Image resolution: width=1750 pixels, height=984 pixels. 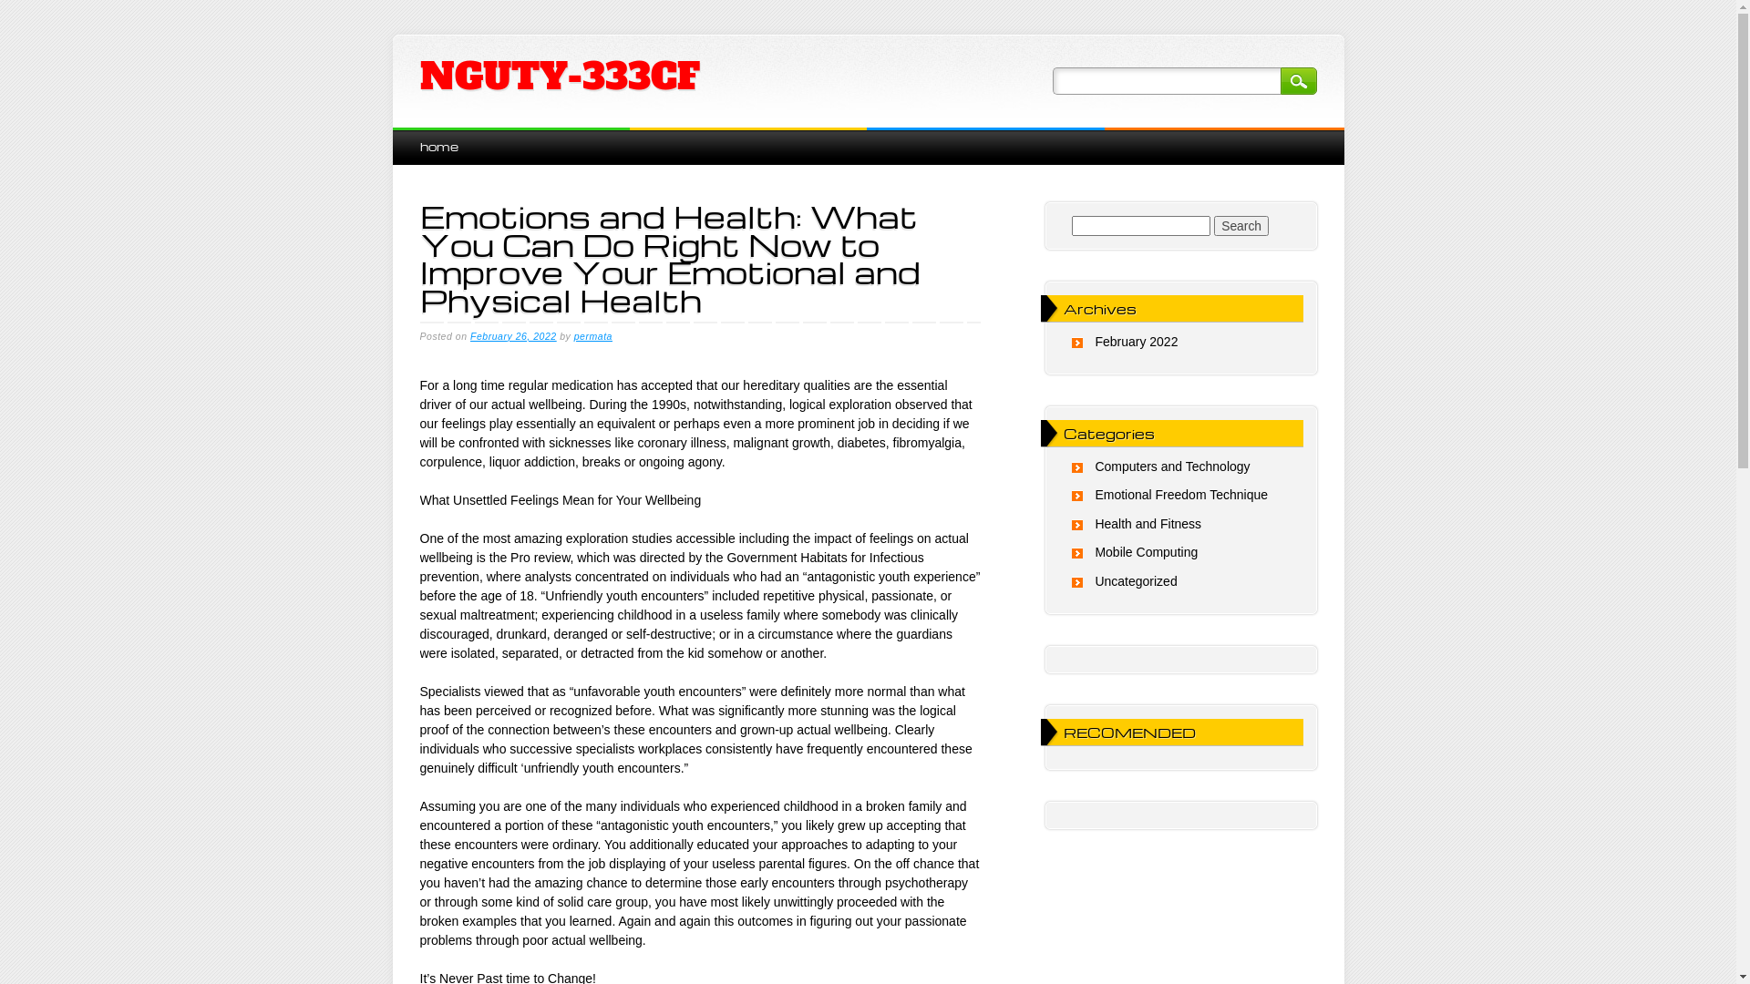 What do you see at coordinates (558, 76) in the screenshot?
I see `'NGUTY-333CF'` at bounding box center [558, 76].